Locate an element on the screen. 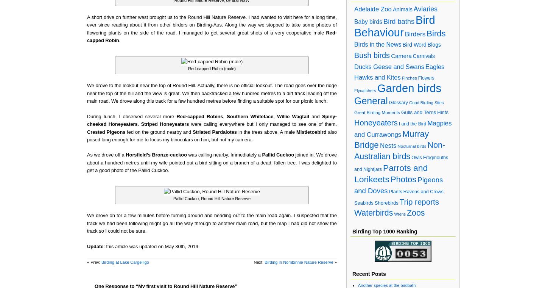 This screenshot has height=288, width=545. 'As we drove off a' is located at coordinates (106, 154).